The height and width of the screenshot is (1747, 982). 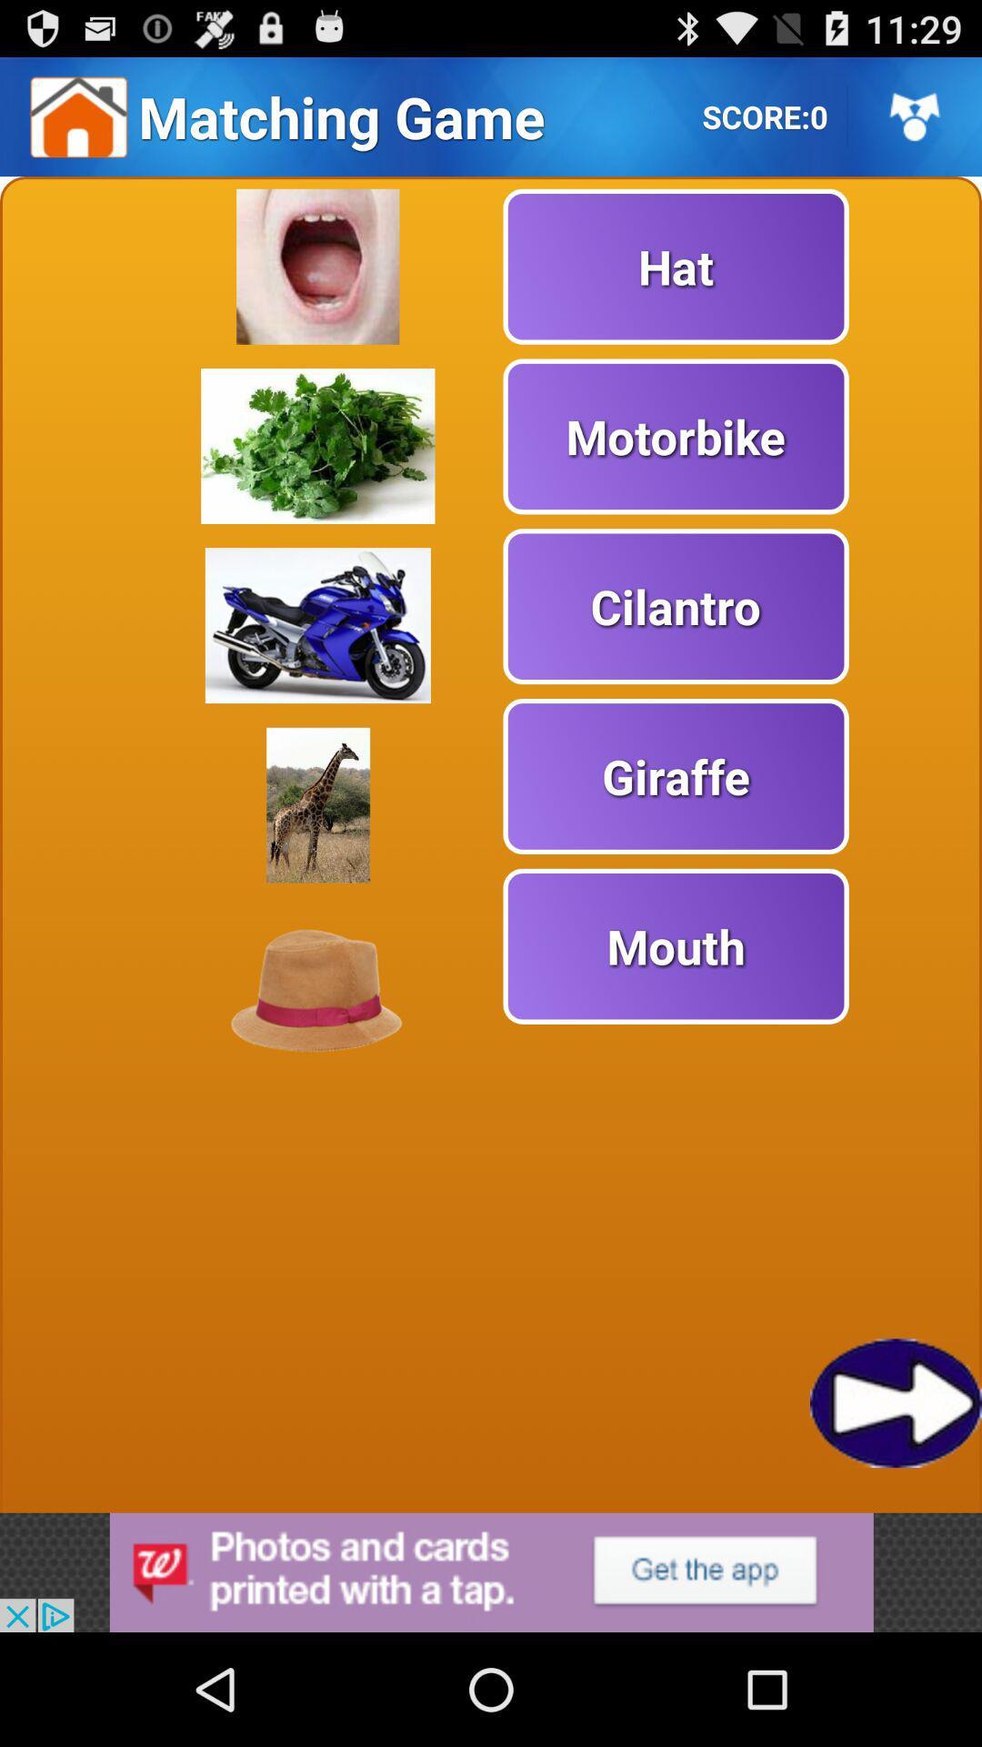 I want to click on move forward, so click(x=895, y=1401).